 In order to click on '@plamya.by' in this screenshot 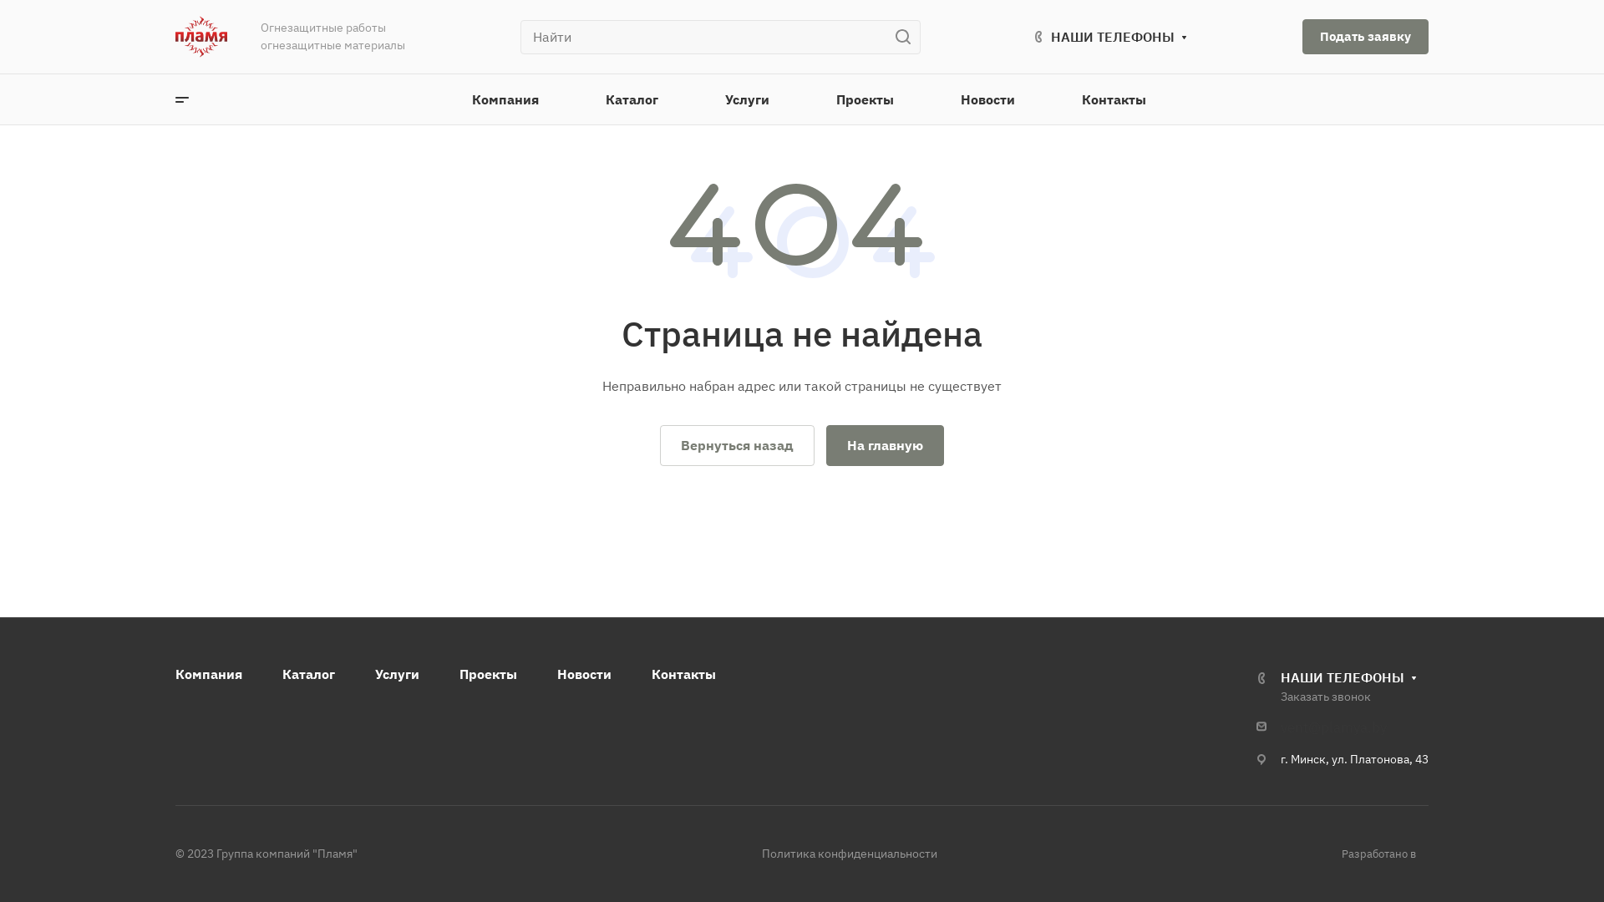, I will do `click(1347, 727)`.